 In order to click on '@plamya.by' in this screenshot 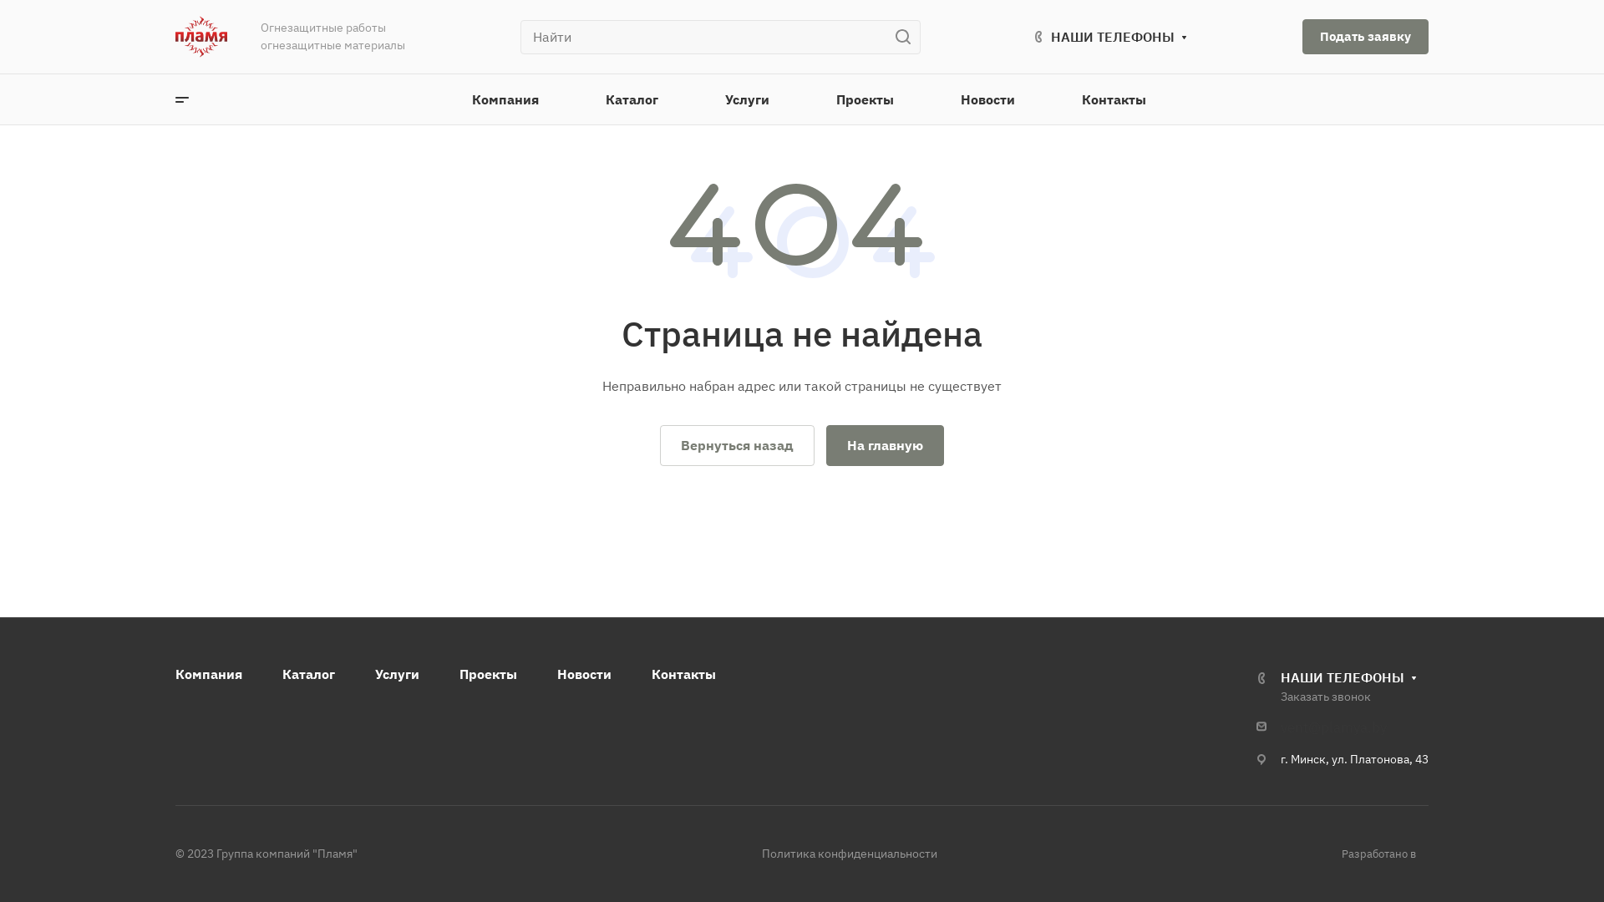, I will do `click(1347, 727)`.